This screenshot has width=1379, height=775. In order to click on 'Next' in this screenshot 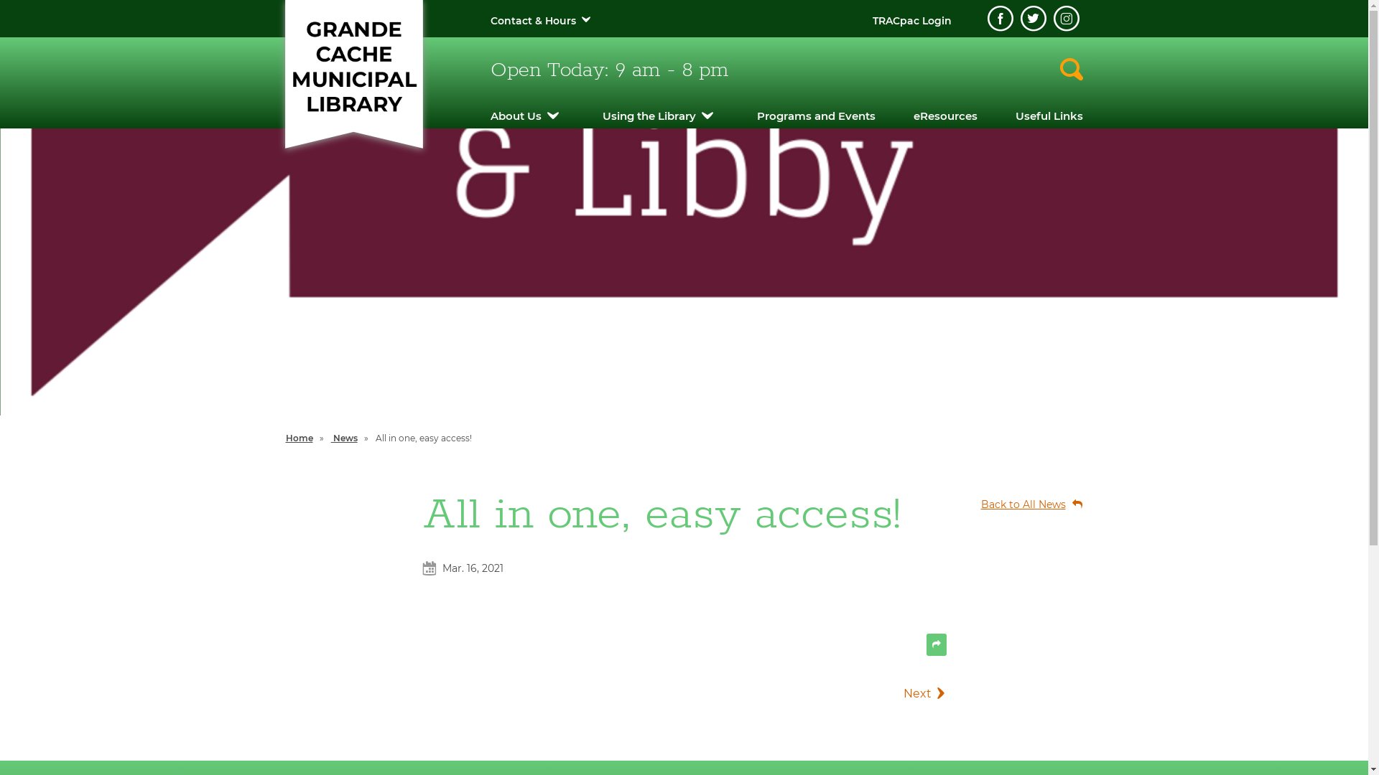, I will do `click(888, 693)`.